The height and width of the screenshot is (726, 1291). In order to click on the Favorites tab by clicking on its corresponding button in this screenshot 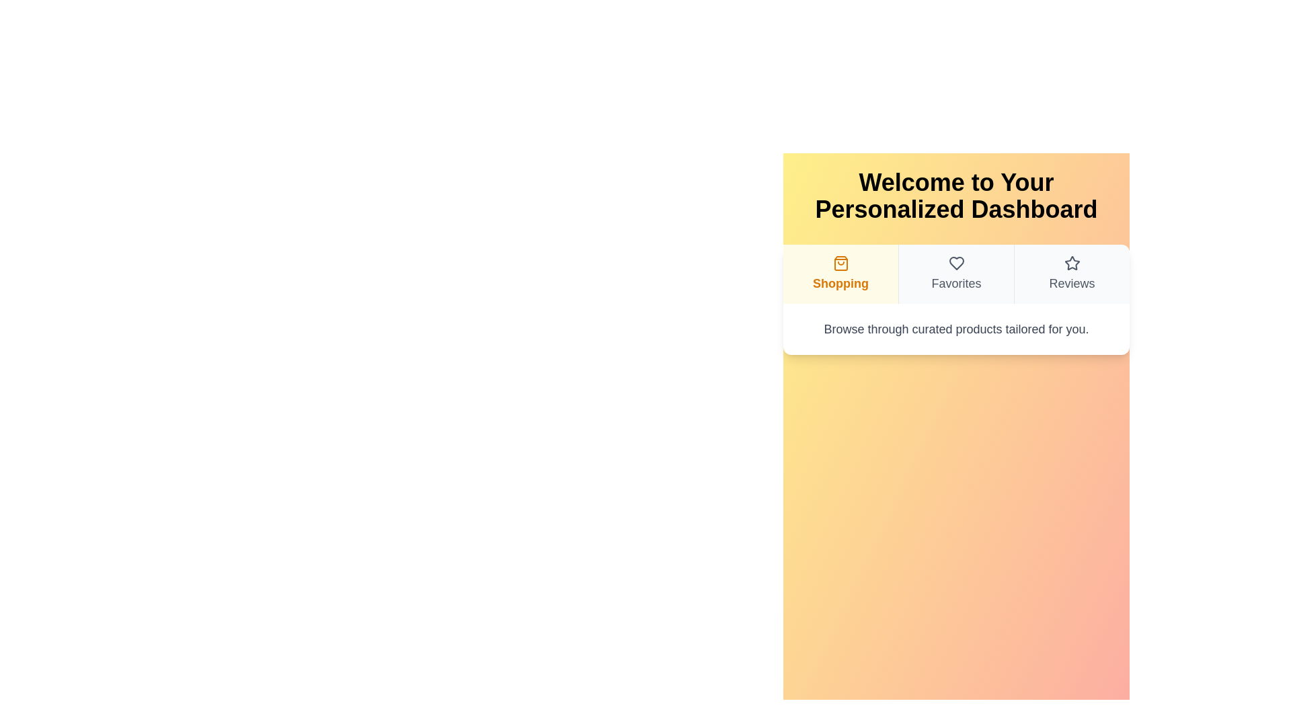, I will do `click(955, 274)`.